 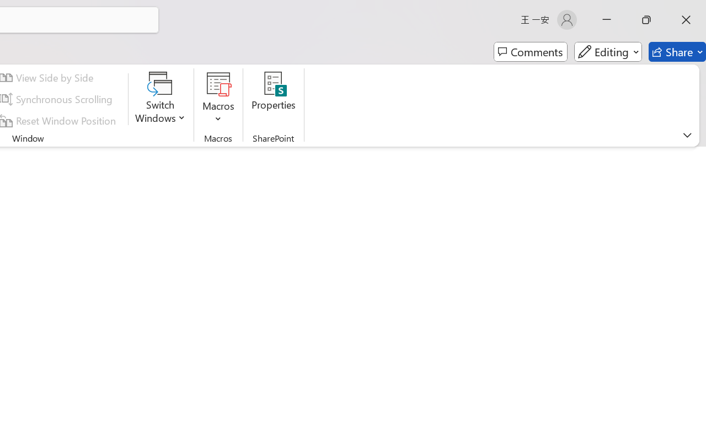 I want to click on 'Editing', so click(x=607, y=52).